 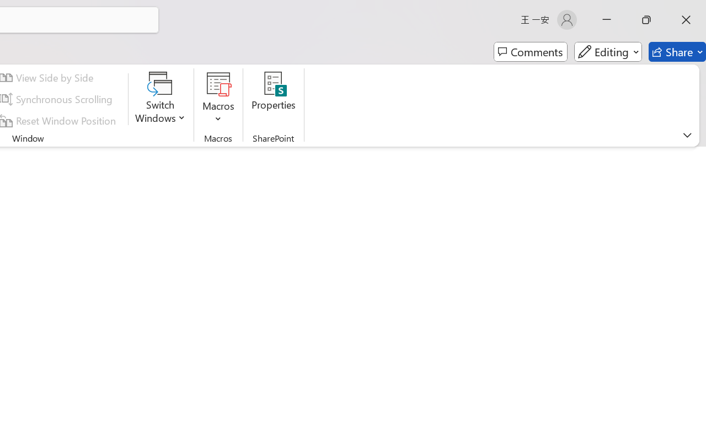 I want to click on 'Editing', so click(x=607, y=52).